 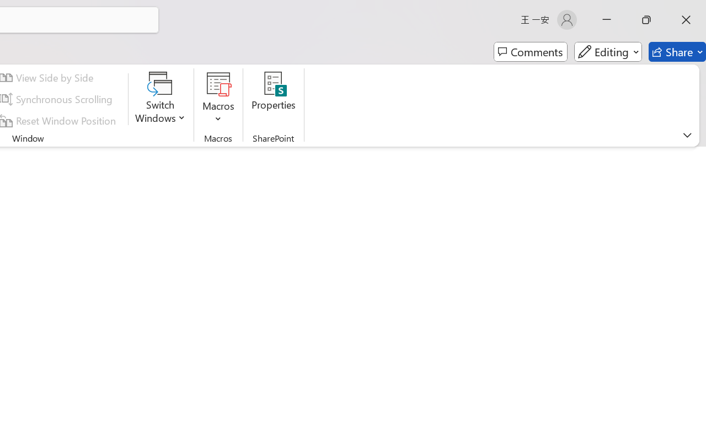 I want to click on 'Editing', so click(x=607, y=52).